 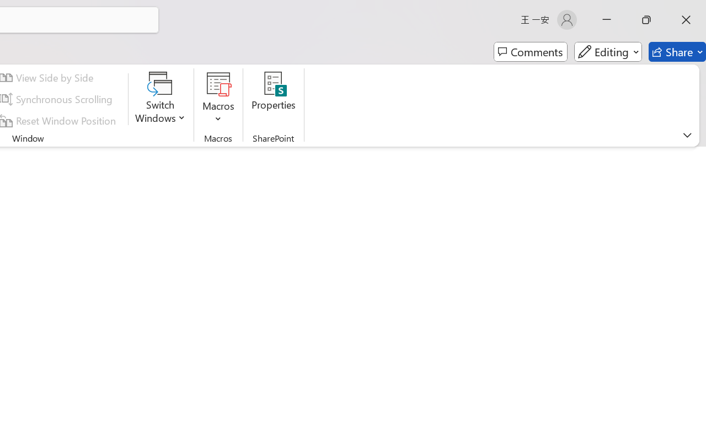 I want to click on 'Editing', so click(x=607, y=52).